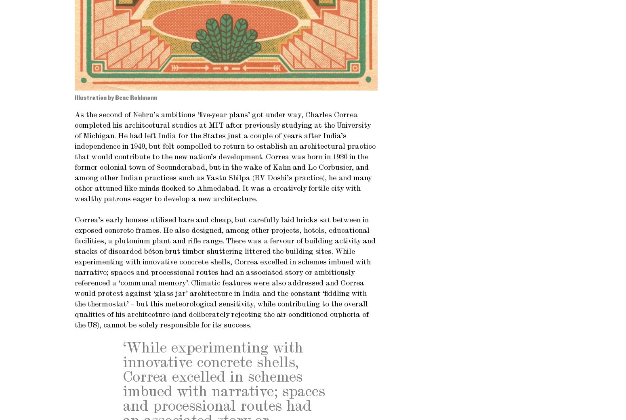  I want to click on 'Media pack', so click(91, 52).